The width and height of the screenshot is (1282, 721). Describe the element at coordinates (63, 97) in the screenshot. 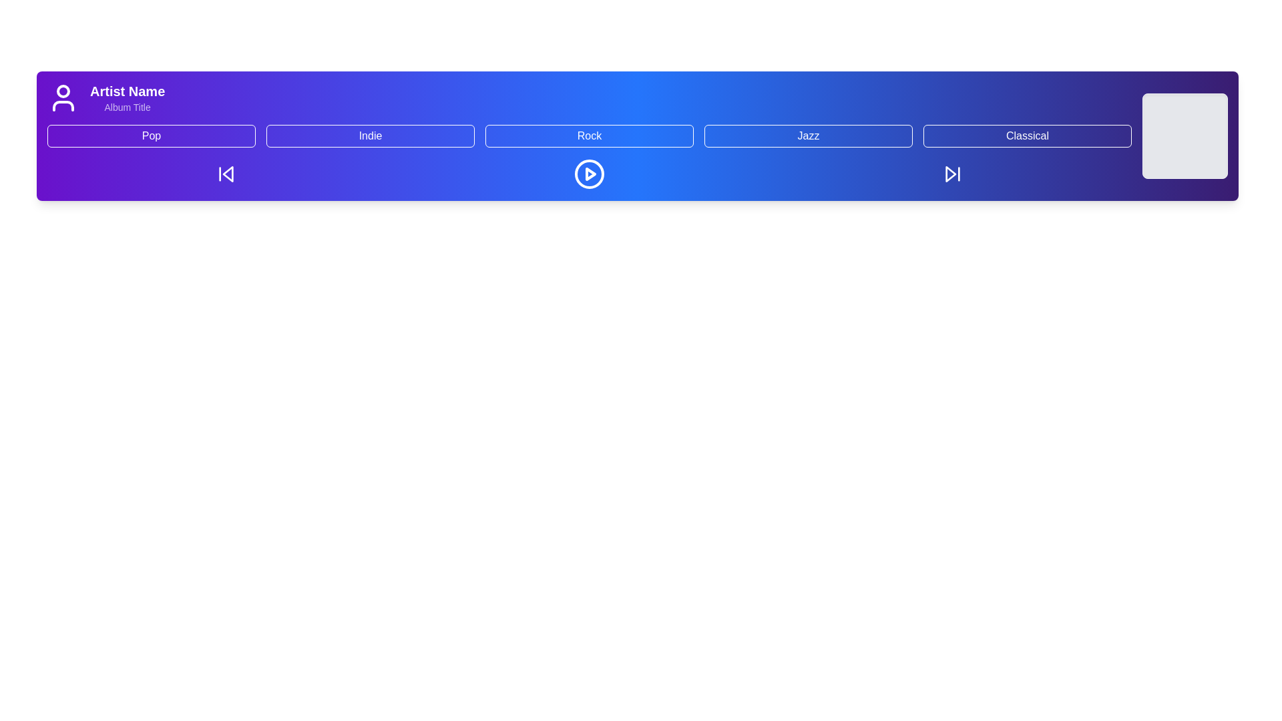

I see `the outlined user icon representing an artist, which is positioned beside the textual information 'Artist Name' and 'Album Title'` at that location.